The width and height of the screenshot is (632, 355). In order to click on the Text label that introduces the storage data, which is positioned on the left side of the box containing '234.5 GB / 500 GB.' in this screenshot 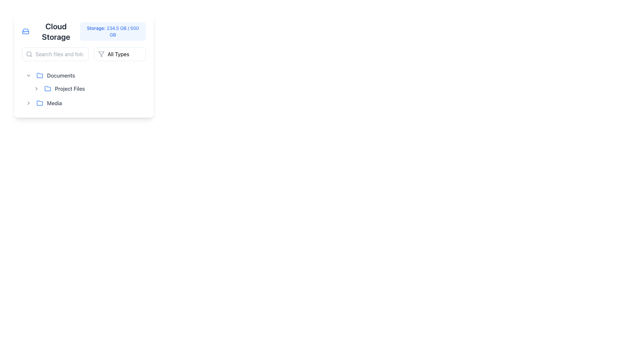, I will do `click(96, 28)`.